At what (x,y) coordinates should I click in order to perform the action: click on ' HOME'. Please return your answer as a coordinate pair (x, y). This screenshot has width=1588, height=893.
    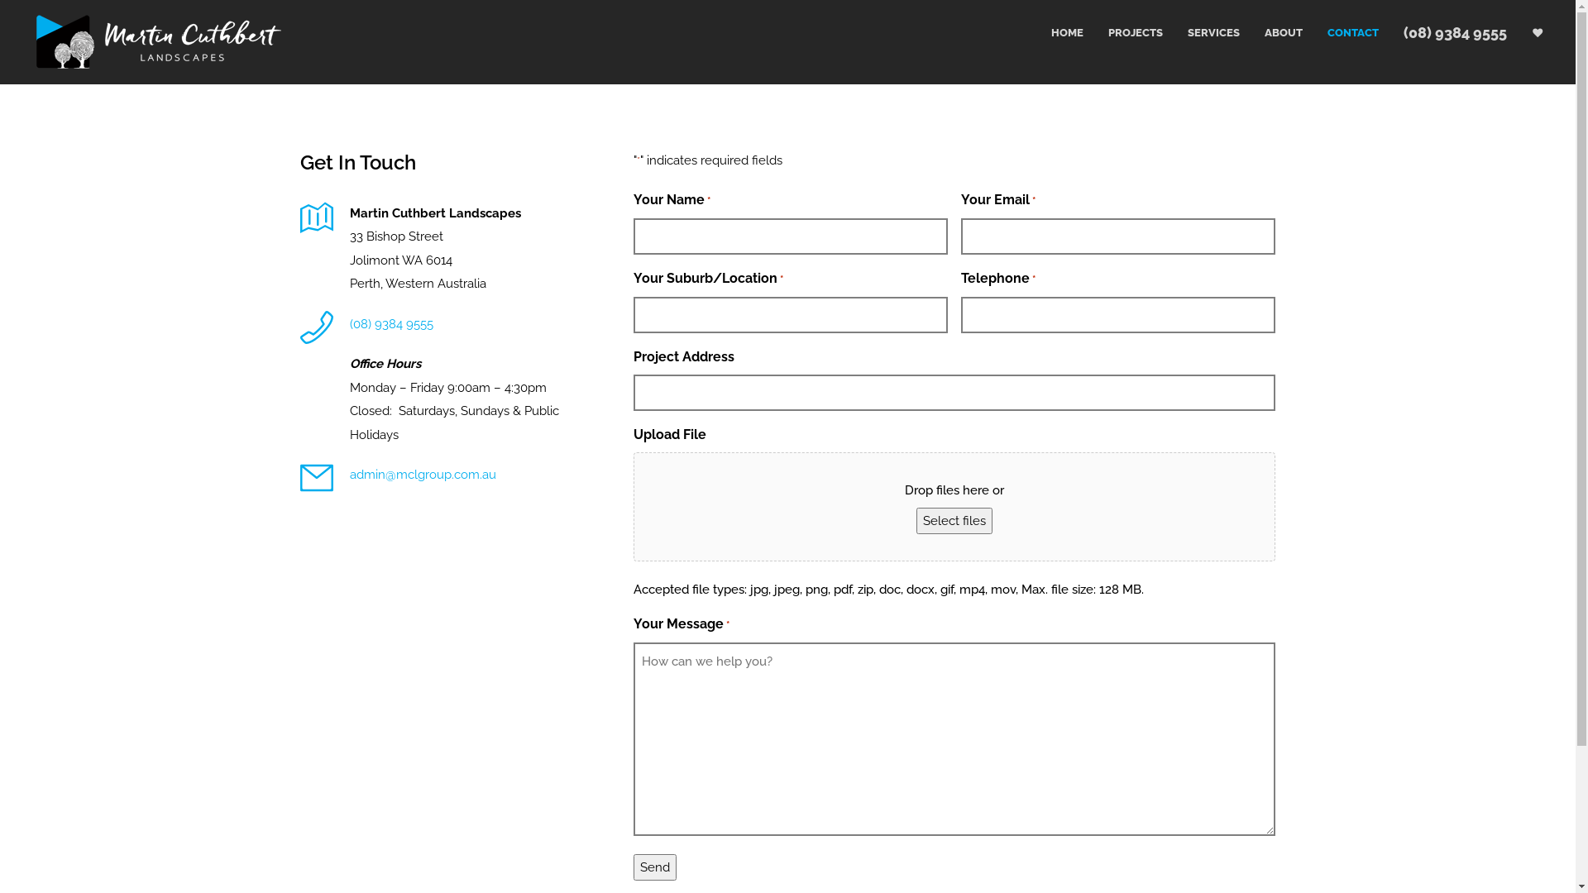
    Looking at the image, I should click on (1052, 32).